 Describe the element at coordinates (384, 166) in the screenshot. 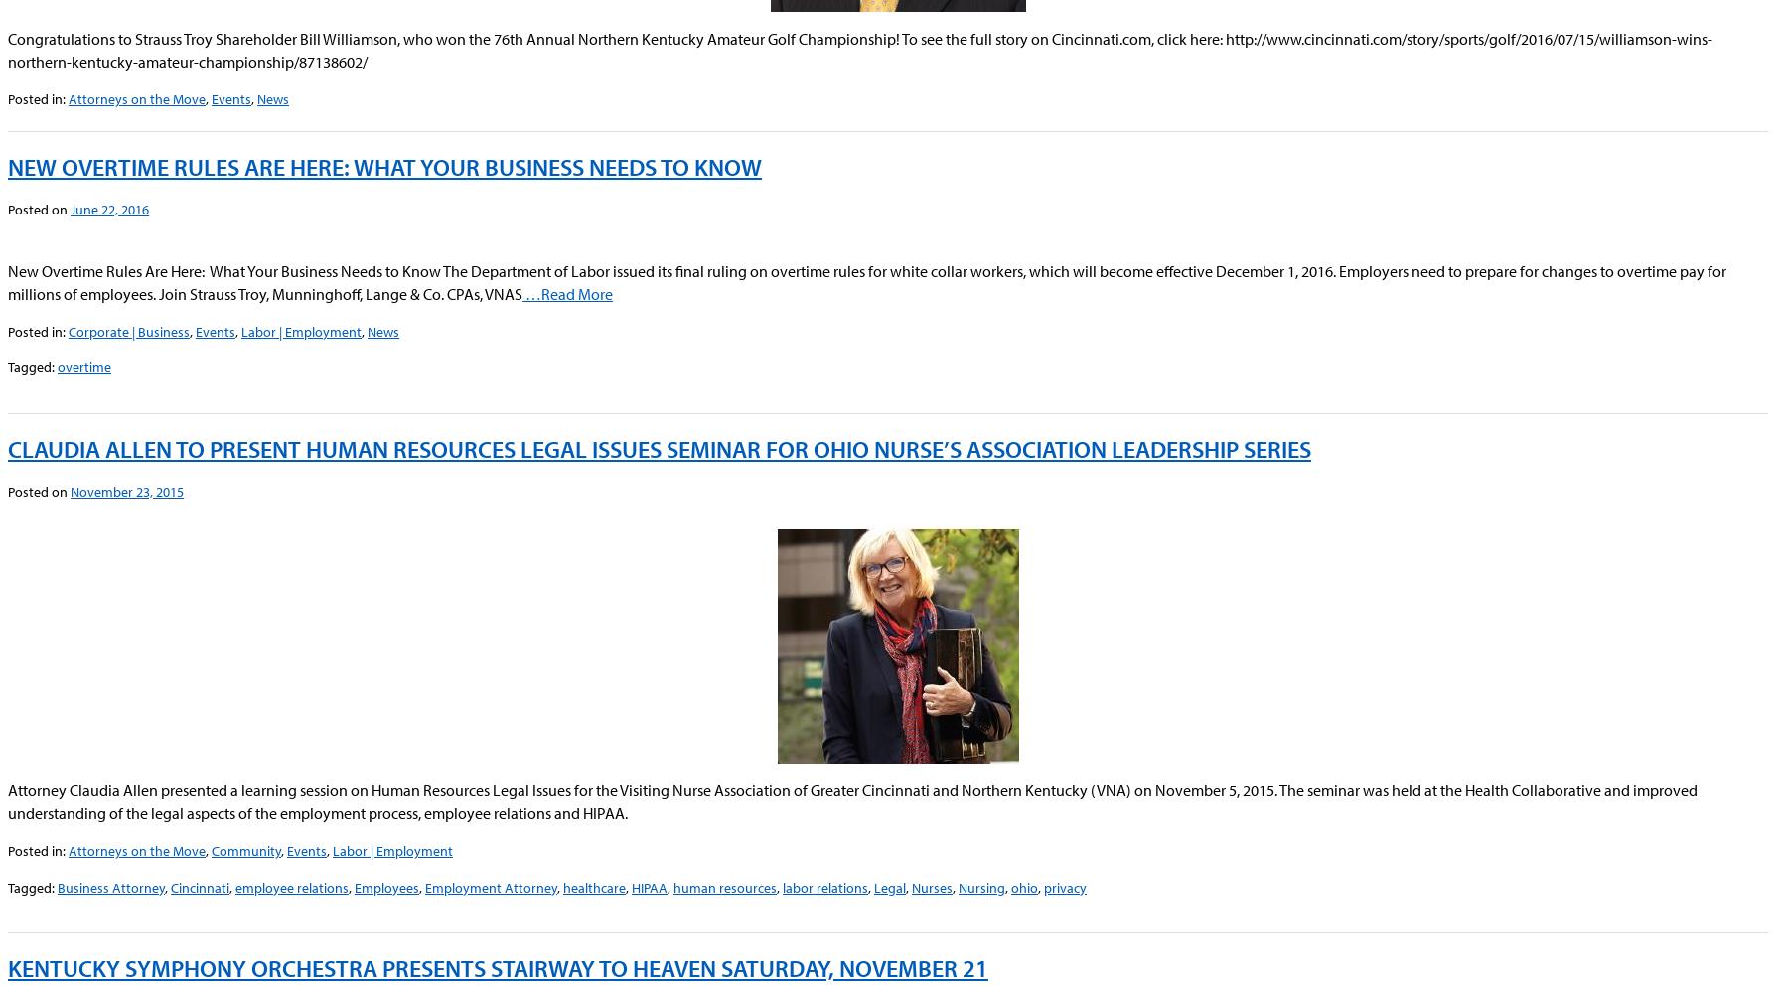

I see `'New Overtime Rules Are Here:  What Your Business Needs to Know'` at that location.